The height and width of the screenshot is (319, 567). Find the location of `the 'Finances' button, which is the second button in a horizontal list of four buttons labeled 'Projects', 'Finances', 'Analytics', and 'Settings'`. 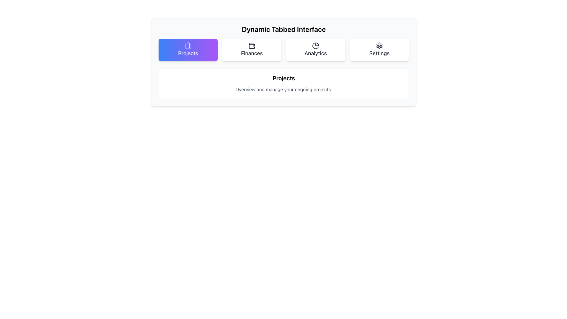

the 'Finances' button, which is the second button in a horizontal list of four buttons labeled 'Projects', 'Finances', 'Analytics', and 'Settings' is located at coordinates (252, 50).